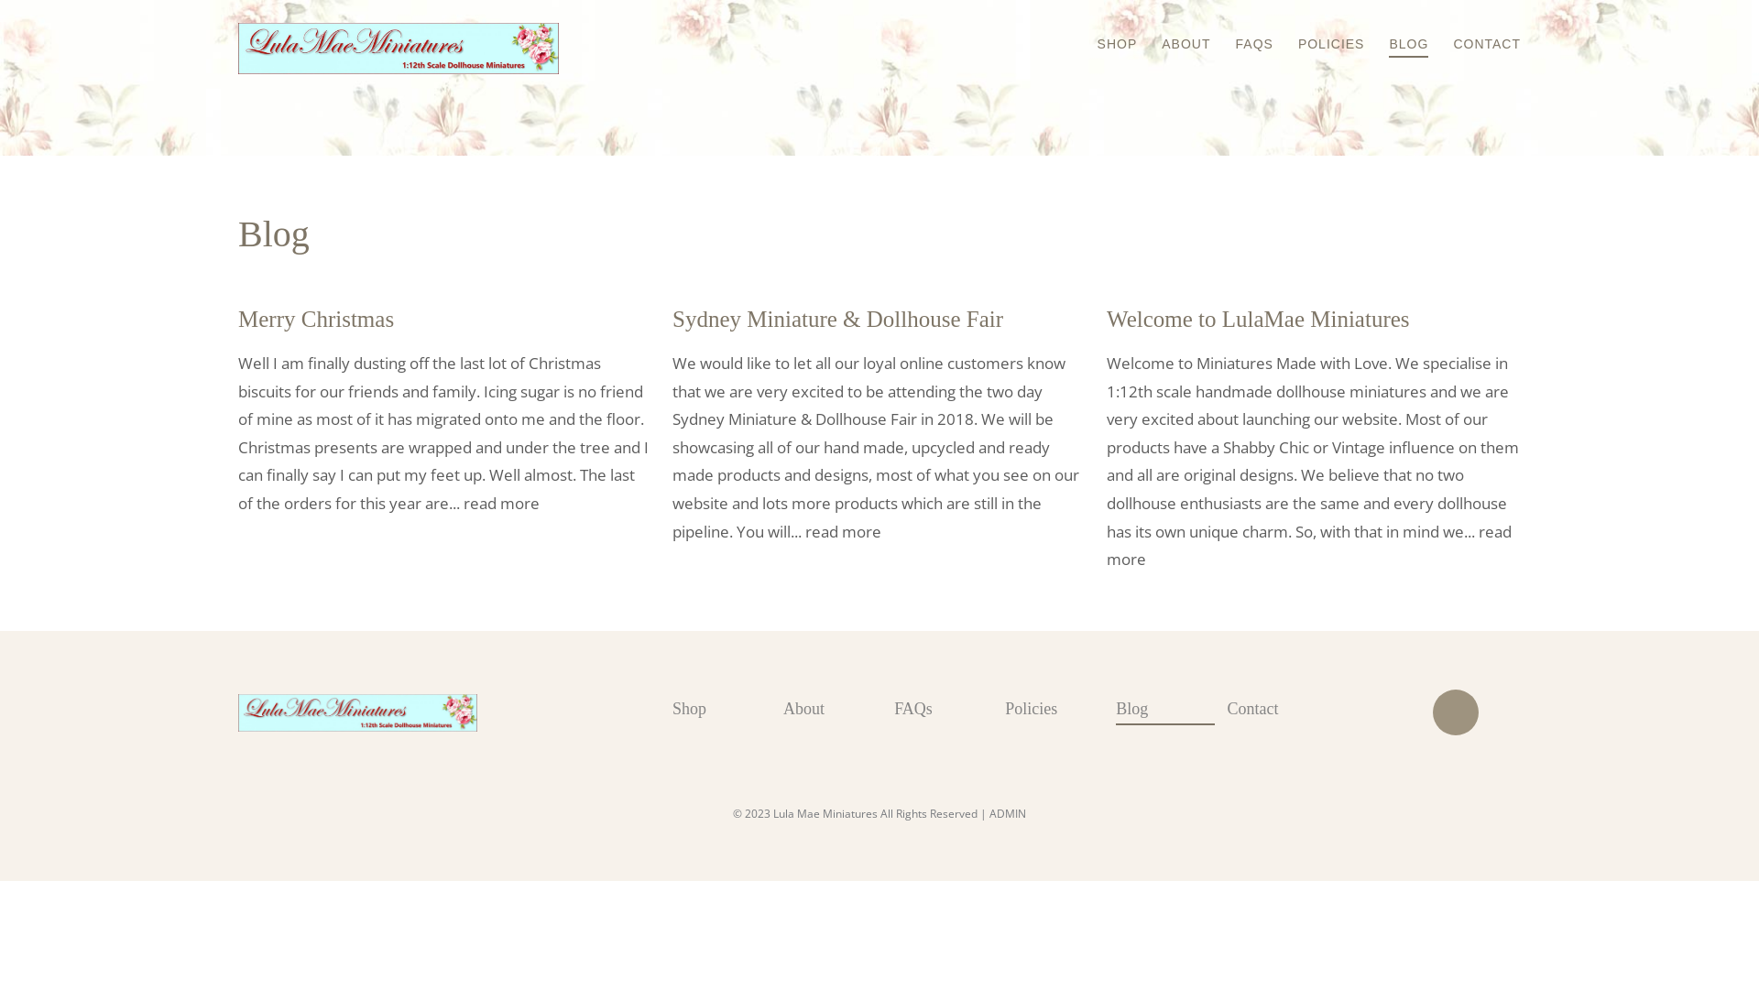 The width and height of the screenshot is (1759, 989). Describe the element at coordinates (1244, 31) in the screenshot. I see `'FAQS'` at that location.